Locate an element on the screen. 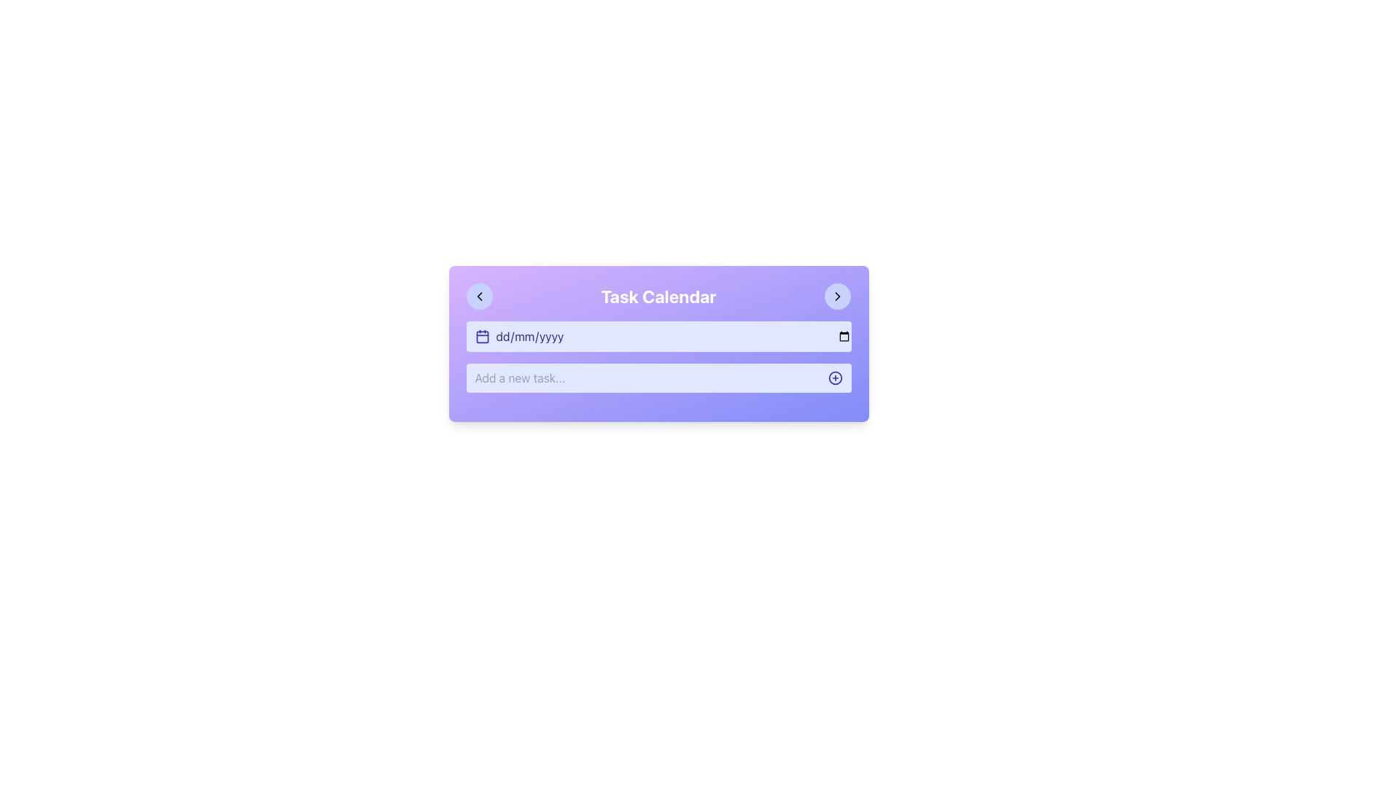 Image resolution: width=1400 pixels, height=787 pixels. the circular button with a light purple background and a left-facing chevron icon, located on the left side of the 'Task Calendar' header for additional interactions is located at coordinates (479, 296).